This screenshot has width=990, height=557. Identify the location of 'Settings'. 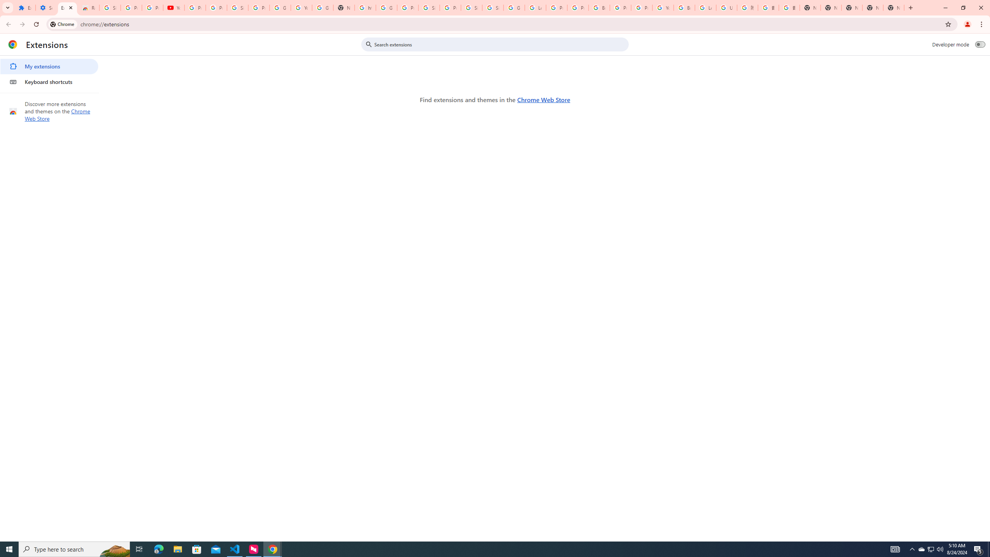
(46, 7).